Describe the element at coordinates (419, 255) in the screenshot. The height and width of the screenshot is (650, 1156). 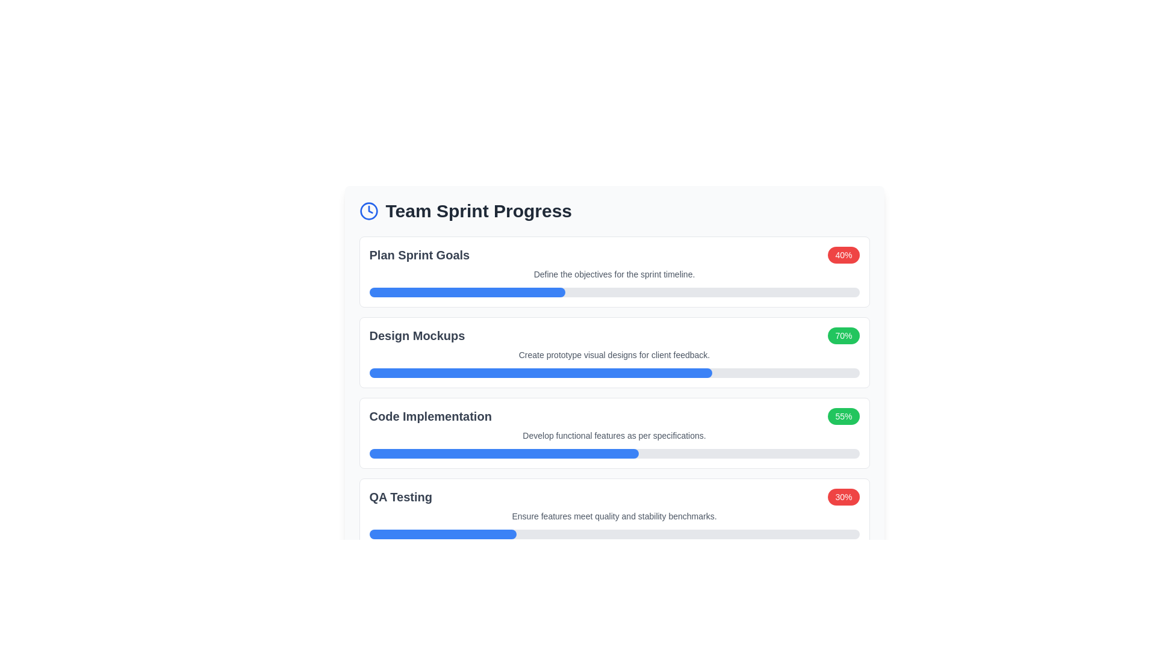
I see `the text of the title or heading within the Text Label that summarizes the specific sprint task, in order to copy it` at that location.